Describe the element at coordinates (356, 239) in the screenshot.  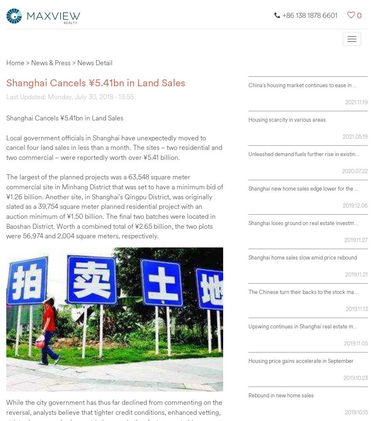
I see `'2019.11.27'` at that location.